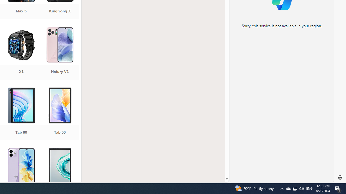  What do you see at coordinates (21, 54) in the screenshot?
I see `'X1'` at bounding box center [21, 54].